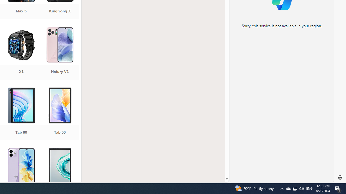  What do you see at coordinates (21, 54) in the screenshot?
I see `'X1'` at bounding box center [21, 54].